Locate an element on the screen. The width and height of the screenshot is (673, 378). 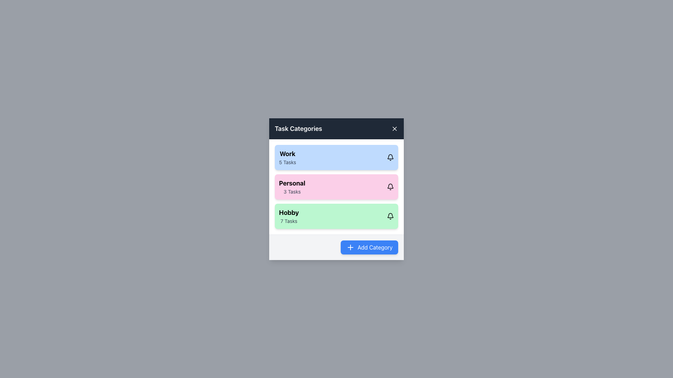
the static text label displaying '7 Tasks' located in the green background section of the 'Hobby' category panel, positioned directly below the bold text 'Hobby' is located at coordinates (289, 221).